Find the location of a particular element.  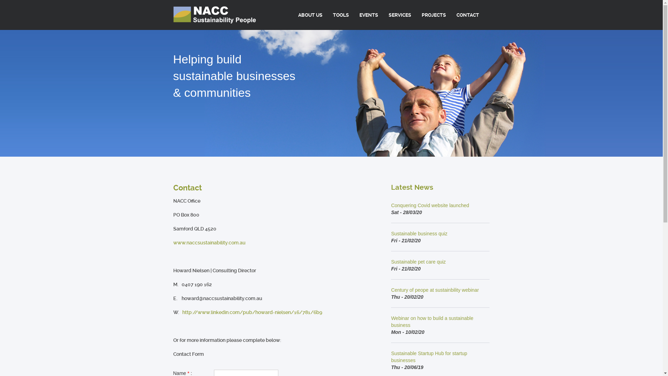

'Webinar on how to build a sustainable business' is located at coordinates (432, 322).